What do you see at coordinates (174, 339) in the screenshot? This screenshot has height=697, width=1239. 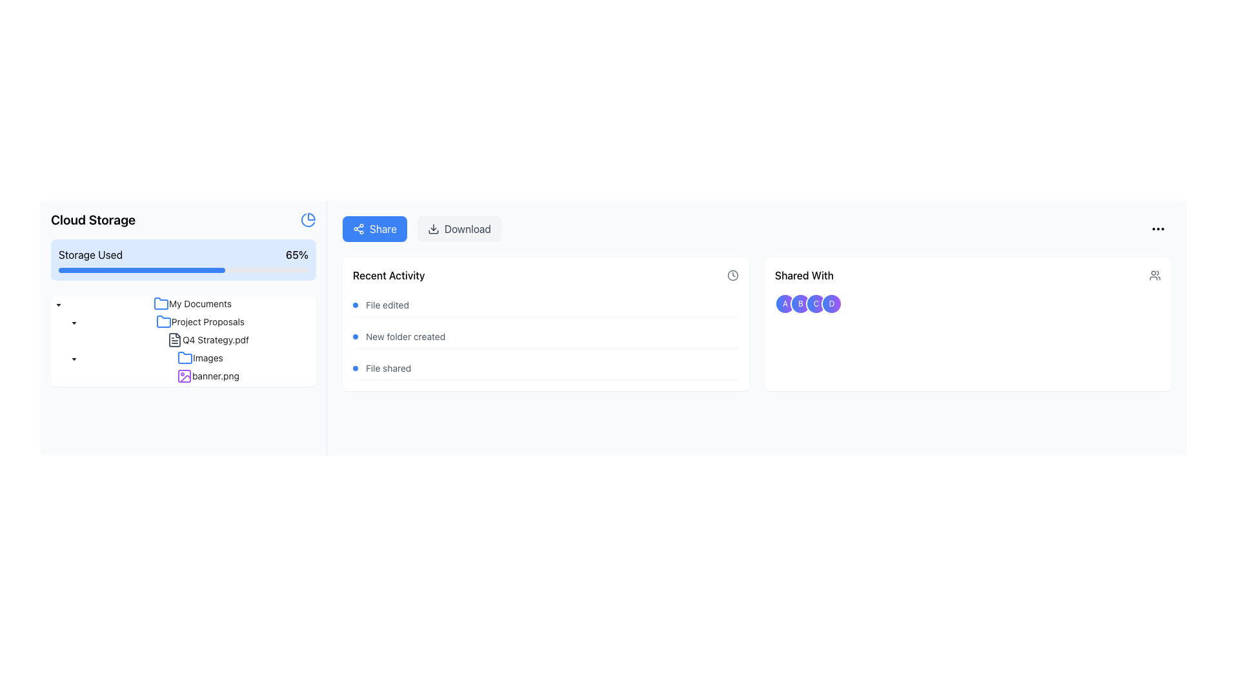 I see `the document icon styled in gray that indicates the file entry for 'Q4 Strategy.pdf' in the Cloud Storage section` at bounding box center [174, 339].